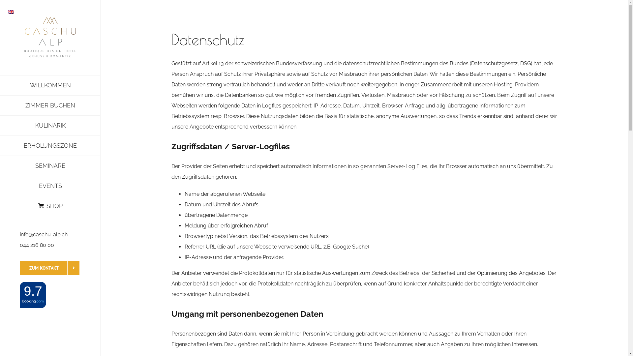 The height and width of the screenshot is (356, 633). What do you see at coordinates (50, 165) in the screenshot?
I see `'SEMINARE'` at bounding box center [50, 165].